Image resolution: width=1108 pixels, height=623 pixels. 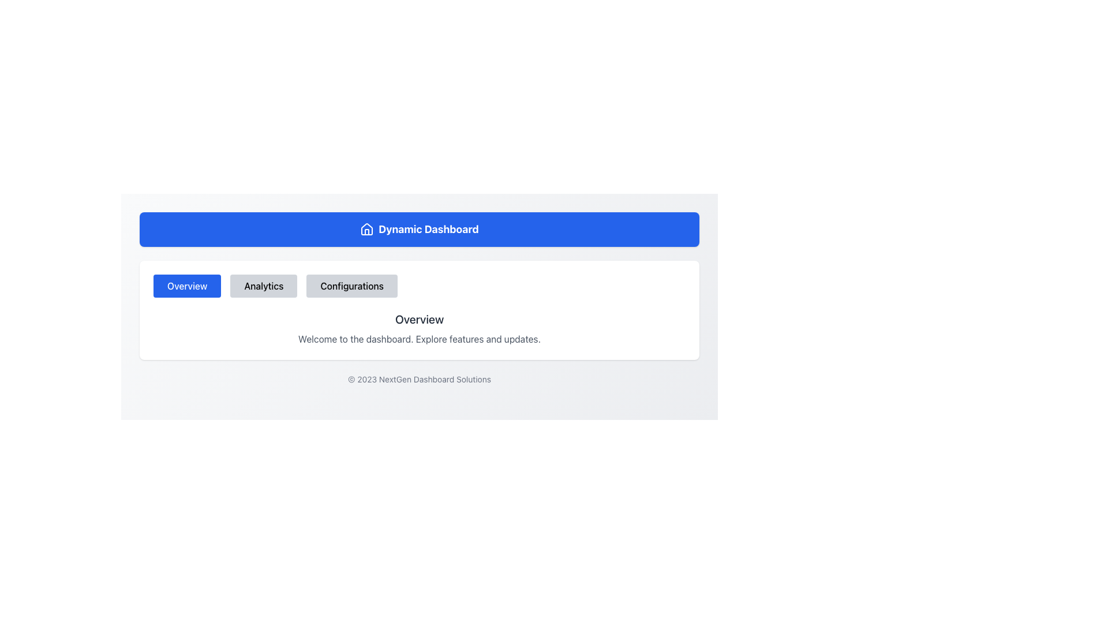 What do you see at coordinates (263, 286) in the screenshot?
I see `the 'Analytics' button, which is the second button in a row of three` at bounding box center [263, 286].